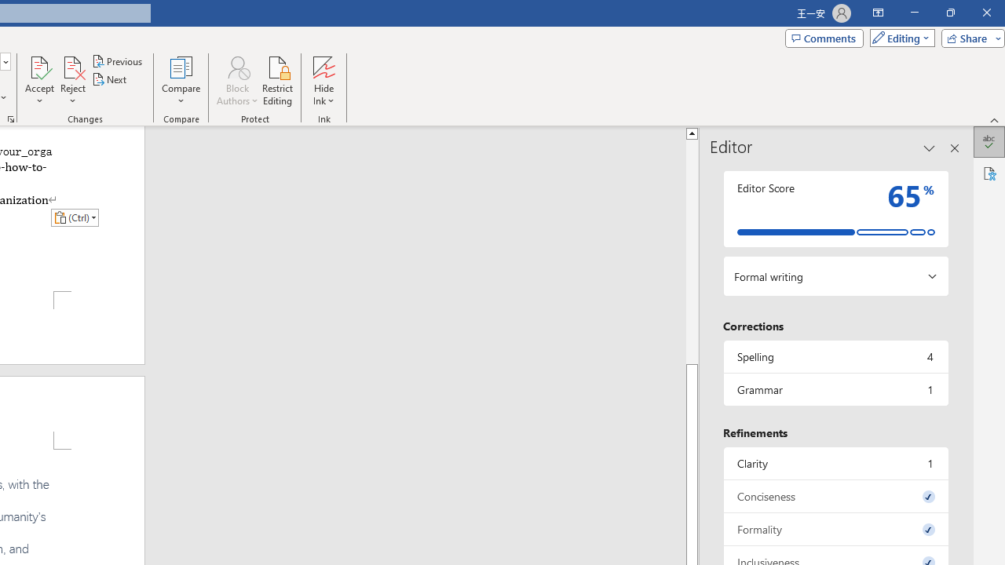 Image resolution: width=1005 pixels, height=565 pixels. What do you see at coordinates (691, 132) in the screenshot?
I see `'Line up'` at bounding box center [691, 132].